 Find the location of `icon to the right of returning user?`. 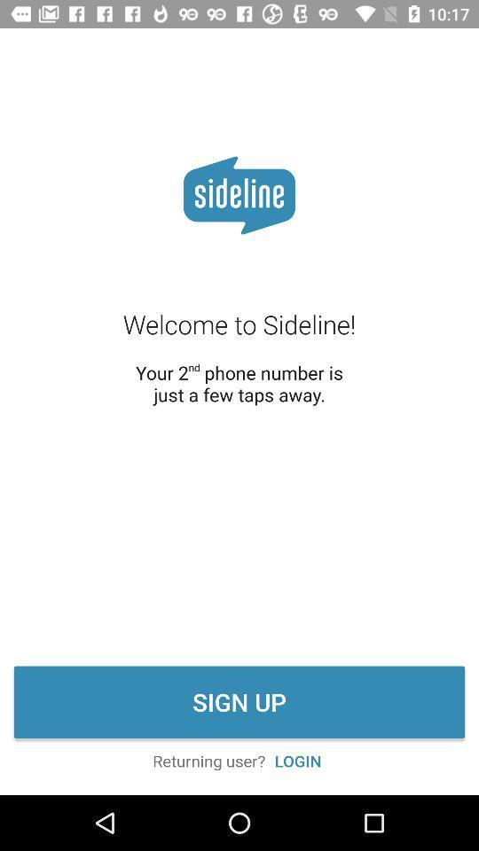

icon to the right of returning user? is located at coordinates (298, 760).